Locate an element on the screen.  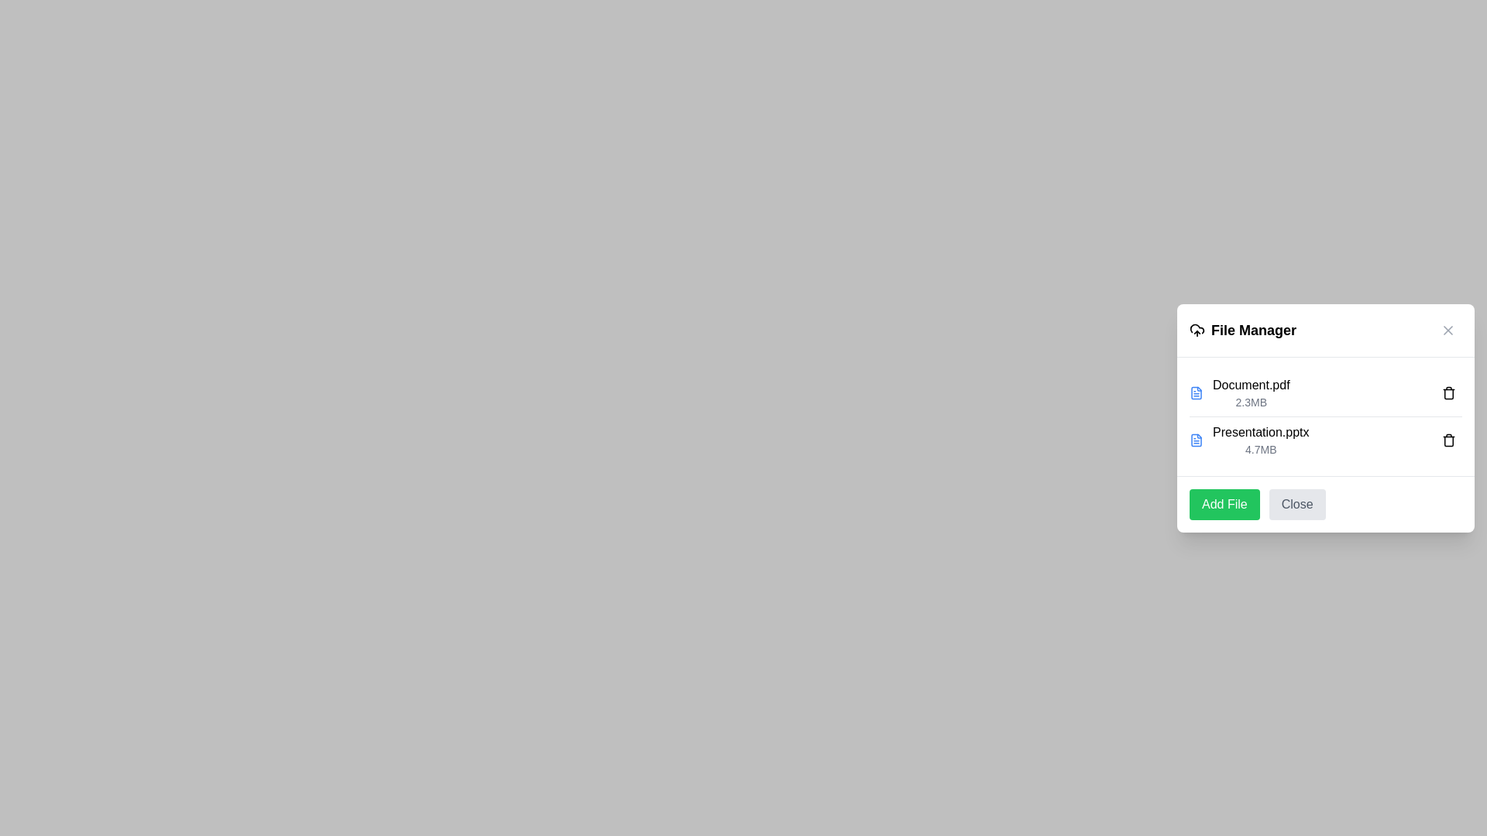
the deletion icon located at the right end of the file entry row for 'Document.pdf' in the 'File Manager' is located at coordinates (1448, 392).